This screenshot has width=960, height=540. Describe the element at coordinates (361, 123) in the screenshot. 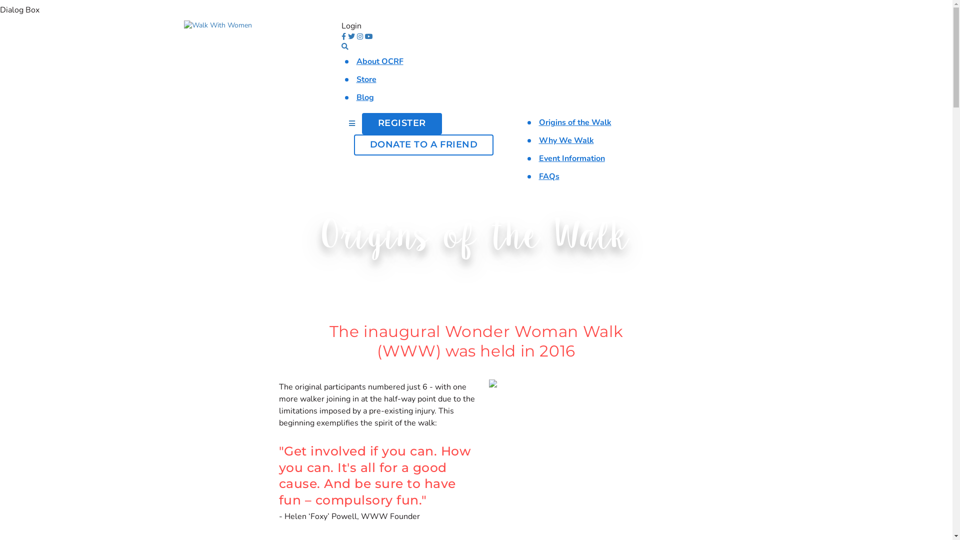

I see `'REGISTER'` at that location.